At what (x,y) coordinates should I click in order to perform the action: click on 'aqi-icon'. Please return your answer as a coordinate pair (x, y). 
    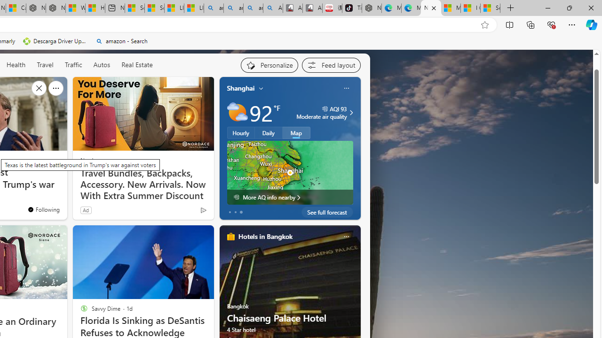
    Looking at the image, I should click on (325, 108).